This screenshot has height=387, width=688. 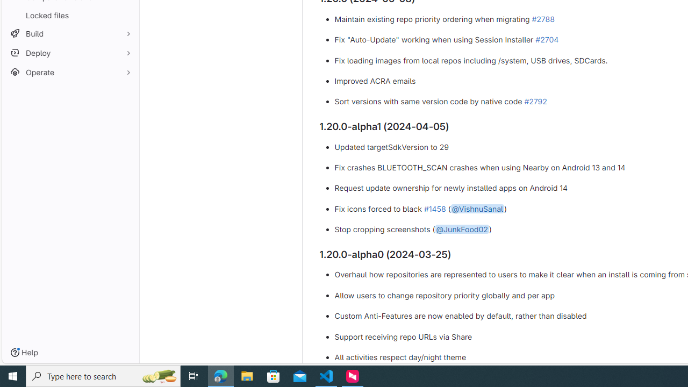 What do you see at coordinates (462, 229) in the screenshot?
I see `'@JunkFood02'` at bounding box center [462, 229].